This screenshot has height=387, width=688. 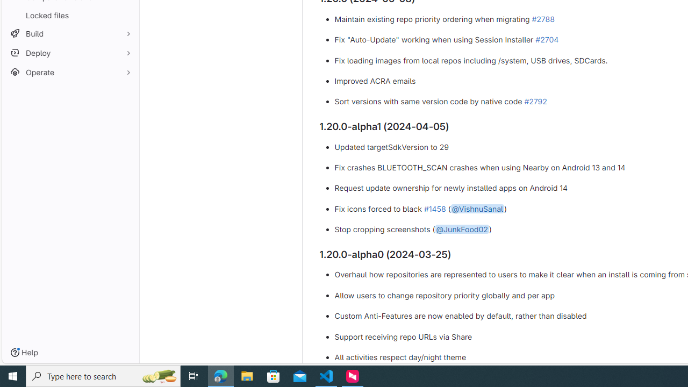 What do you see at coordinates (462, 229) in the screenshot?
I see `'@JunkFood02'` at bounding box center [462, 229].